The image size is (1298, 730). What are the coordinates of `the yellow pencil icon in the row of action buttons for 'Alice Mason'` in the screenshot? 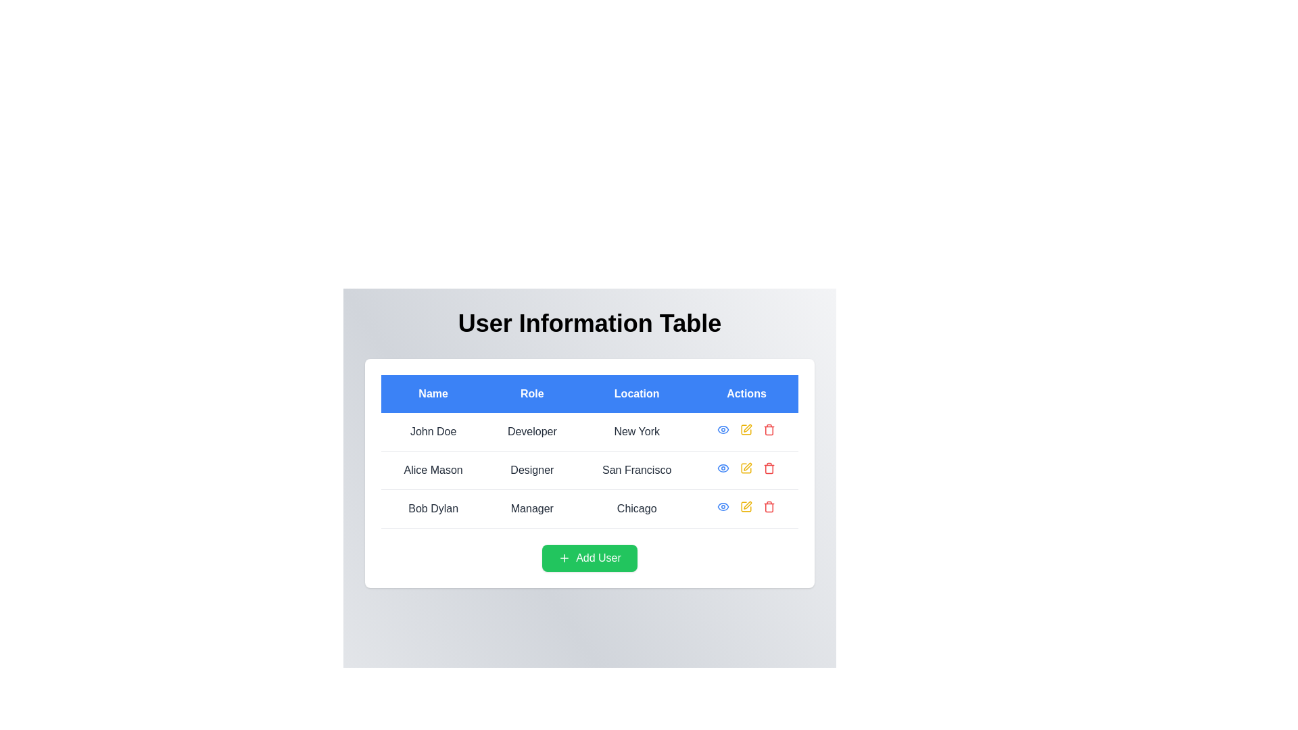 It's located at (746, 468).